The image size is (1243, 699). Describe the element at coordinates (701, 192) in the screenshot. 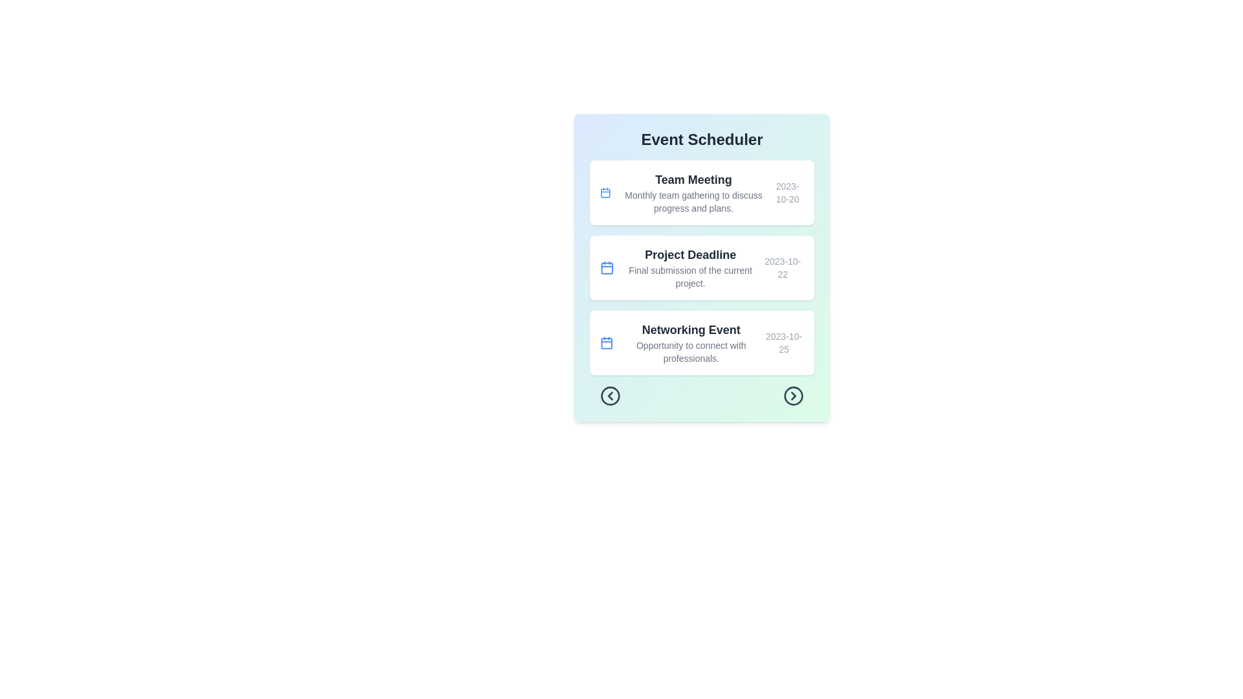

I see `the event card for Team Meeting to view the hover effect` at that location.